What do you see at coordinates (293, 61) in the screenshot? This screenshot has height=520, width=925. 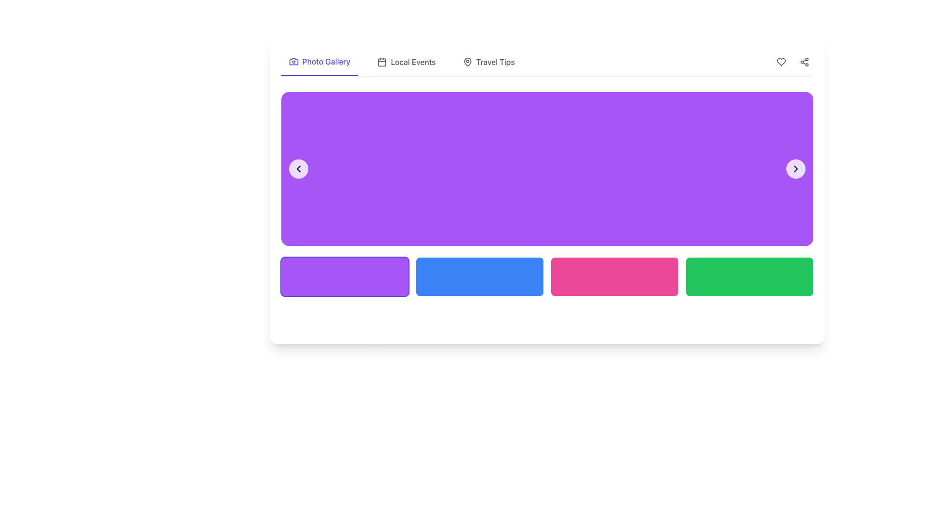 I see `the camera icon located in the navigation bar to the left of the 'Photo Gallery' label` at bounding box center [293, 61].